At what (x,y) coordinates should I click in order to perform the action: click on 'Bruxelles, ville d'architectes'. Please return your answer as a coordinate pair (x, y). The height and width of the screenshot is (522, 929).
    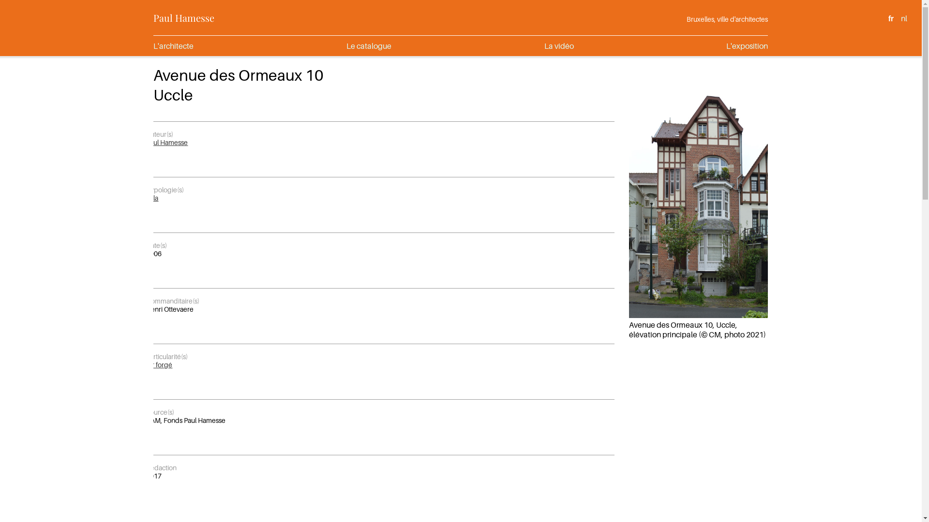
    Looking at the image, I should click on (686, 19).